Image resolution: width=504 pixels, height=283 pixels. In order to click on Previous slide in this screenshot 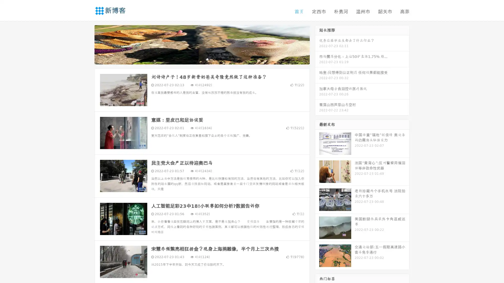, I will do `click(87, 44)`.